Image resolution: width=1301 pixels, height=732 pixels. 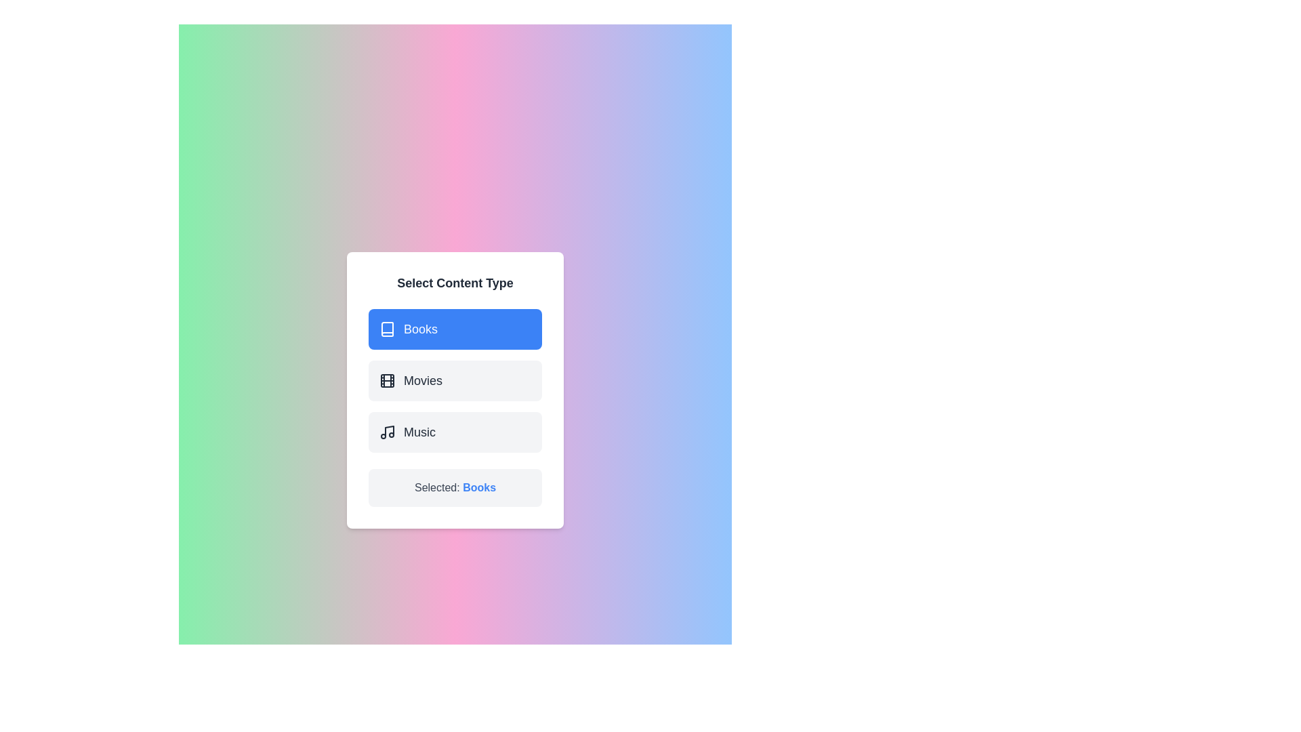 I want to click on the static text element that displays the currently selected content type, located at the bottom of the white card UI component, so click(x=455, y=488).